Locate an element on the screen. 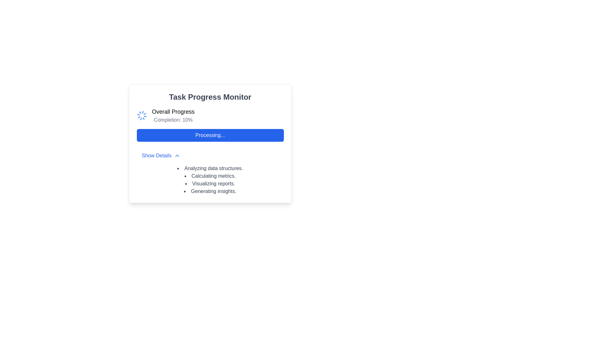 The image size is (611, 344). the blue text link labeled 'Show Details' with a downward-pointing arrow icon is located at coordinates (161, 156).